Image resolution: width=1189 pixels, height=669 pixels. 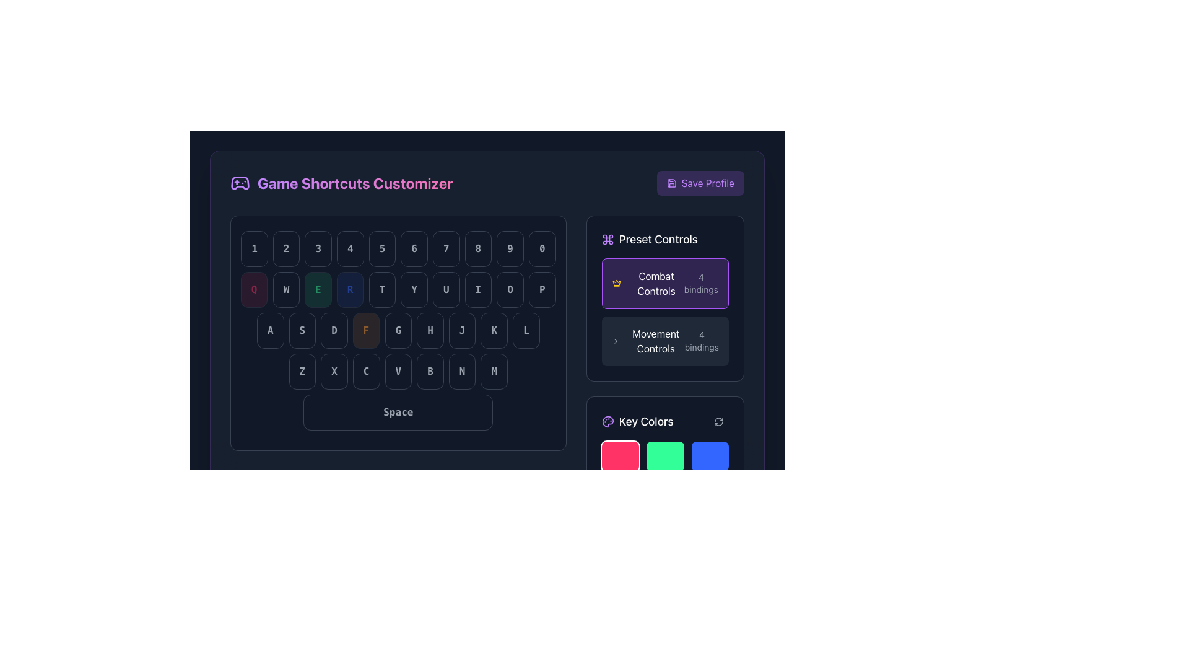 What do you see at coordinates (664, 239) in the screenshot?
I see `the 'Preset Controls' label/header, which features white text aligned to the right of a small purple command icon, located at the top of a section with a dark background` at bounding box center [664, 239].